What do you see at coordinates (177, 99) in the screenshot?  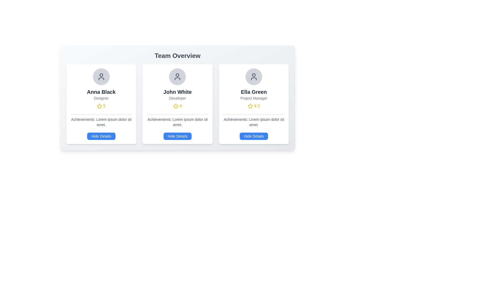 I see `the interactive elements related to the text block containing the name 'John White', title 'Developer', and a rating of '4' in the 'Team Overview' section` at bounding box center [177, 99].